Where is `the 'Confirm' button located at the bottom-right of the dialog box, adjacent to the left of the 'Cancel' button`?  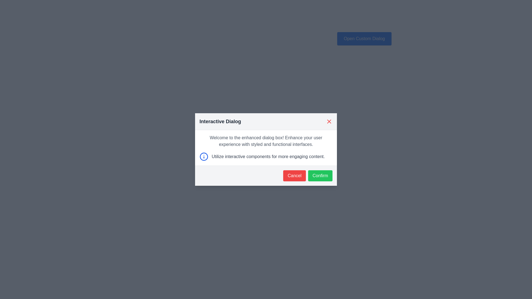 the 'Confirm' button located at the bottom-right of the dialog box, adjacent to the left of the 'Cancel' button is located at coordinates (320, 176).